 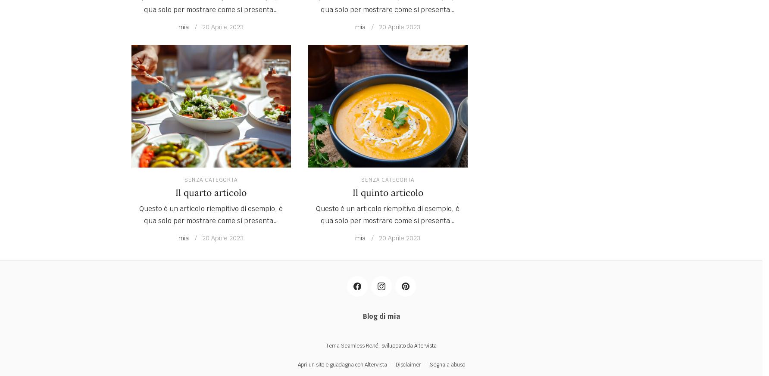 I want to click on 'Il quarto articolo', so click(x=211, y=192).